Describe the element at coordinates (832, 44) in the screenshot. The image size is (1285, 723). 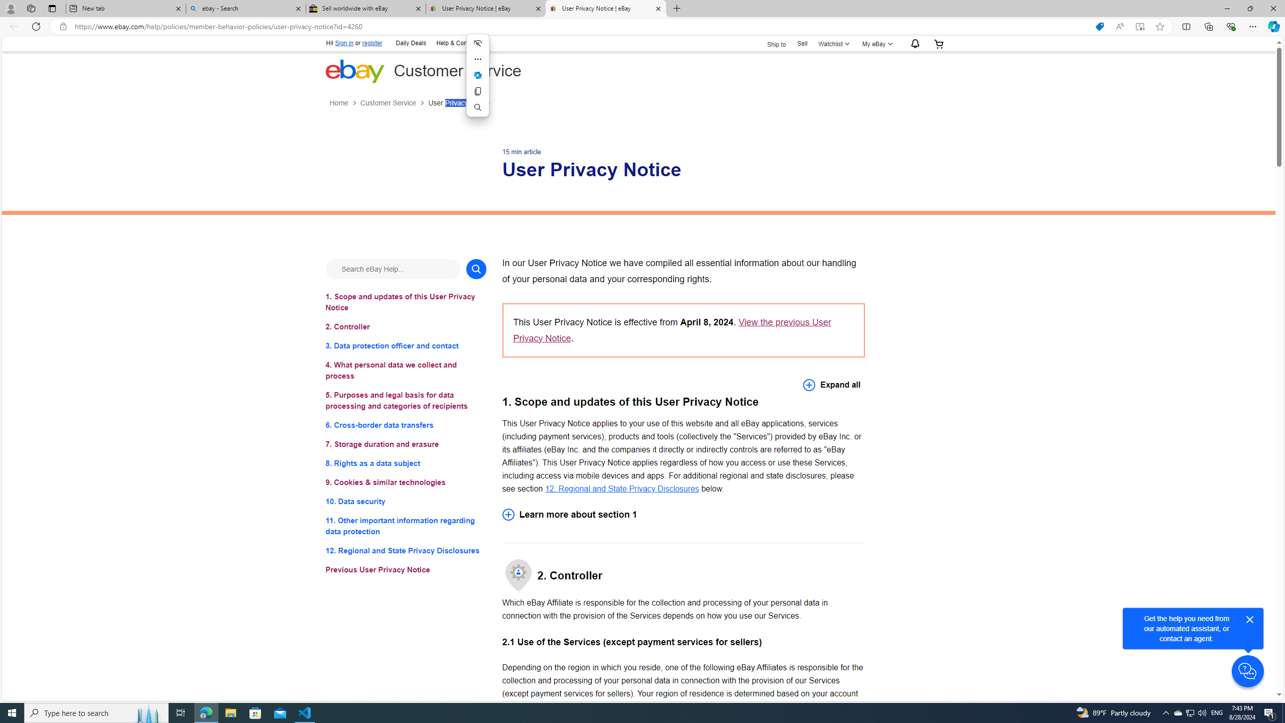
I see `'Watchlist'` at that location.